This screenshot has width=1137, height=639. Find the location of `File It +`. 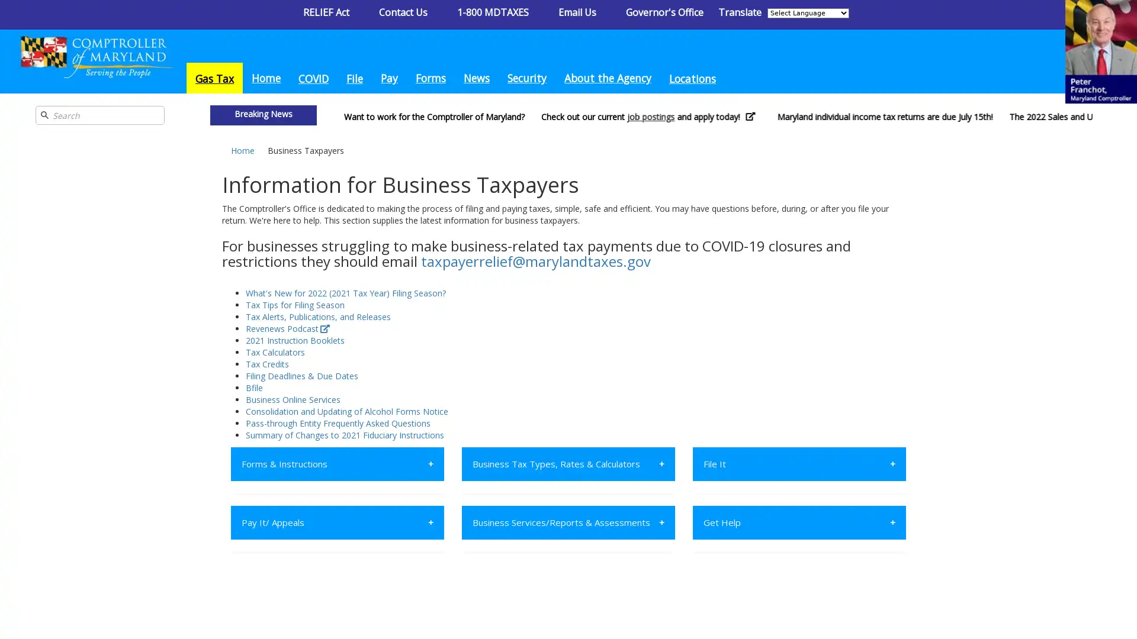

File It + is located at coordinates (799, 463).